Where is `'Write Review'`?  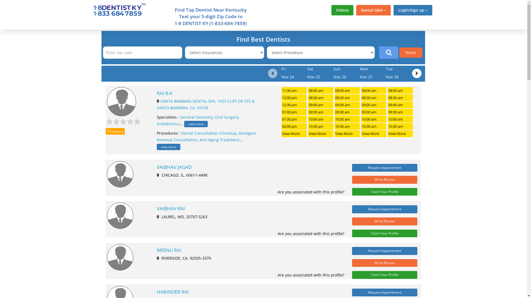
'Write Review' is located at coordinates (384, 180).